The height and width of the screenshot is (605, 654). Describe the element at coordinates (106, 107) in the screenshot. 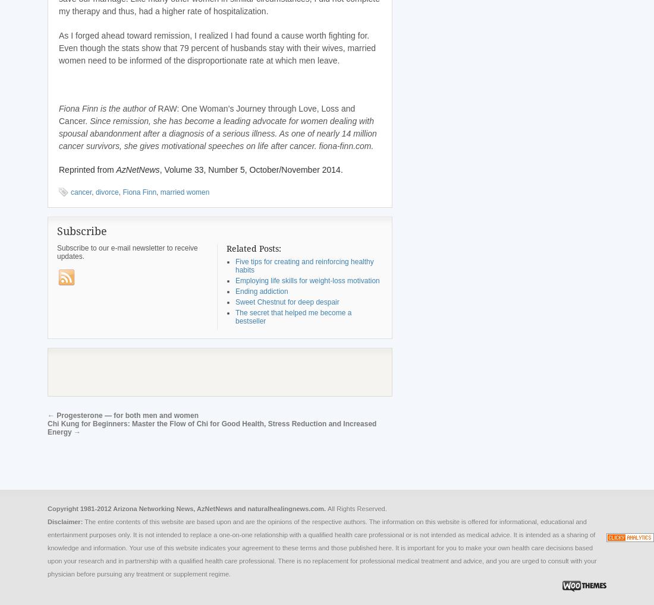

I see `'Fiona Finn is the author of'` at that location.